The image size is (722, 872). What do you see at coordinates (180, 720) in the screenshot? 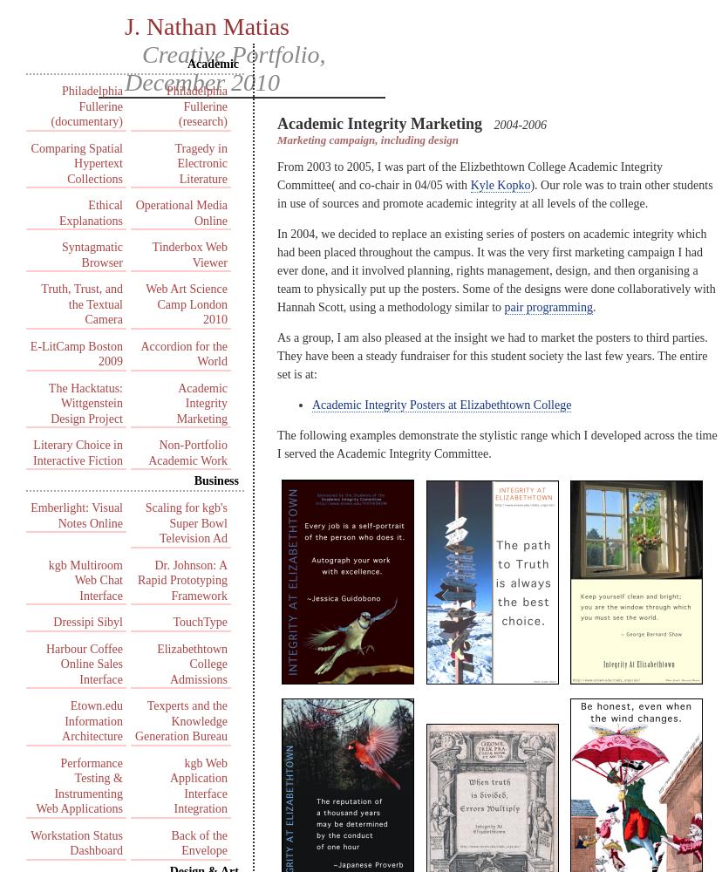
I see `'Texperts and the Knowledge Generation Bureau'` at bounding box center [180, 720].